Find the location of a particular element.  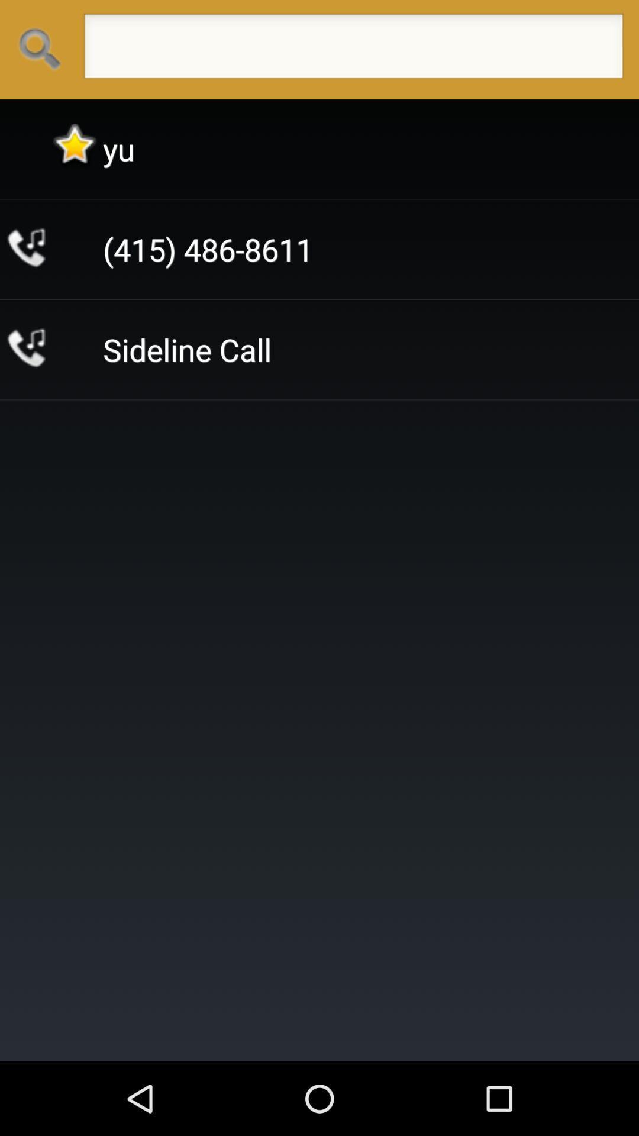

the (415) 486-8611 is located at coordinates (207, 248).